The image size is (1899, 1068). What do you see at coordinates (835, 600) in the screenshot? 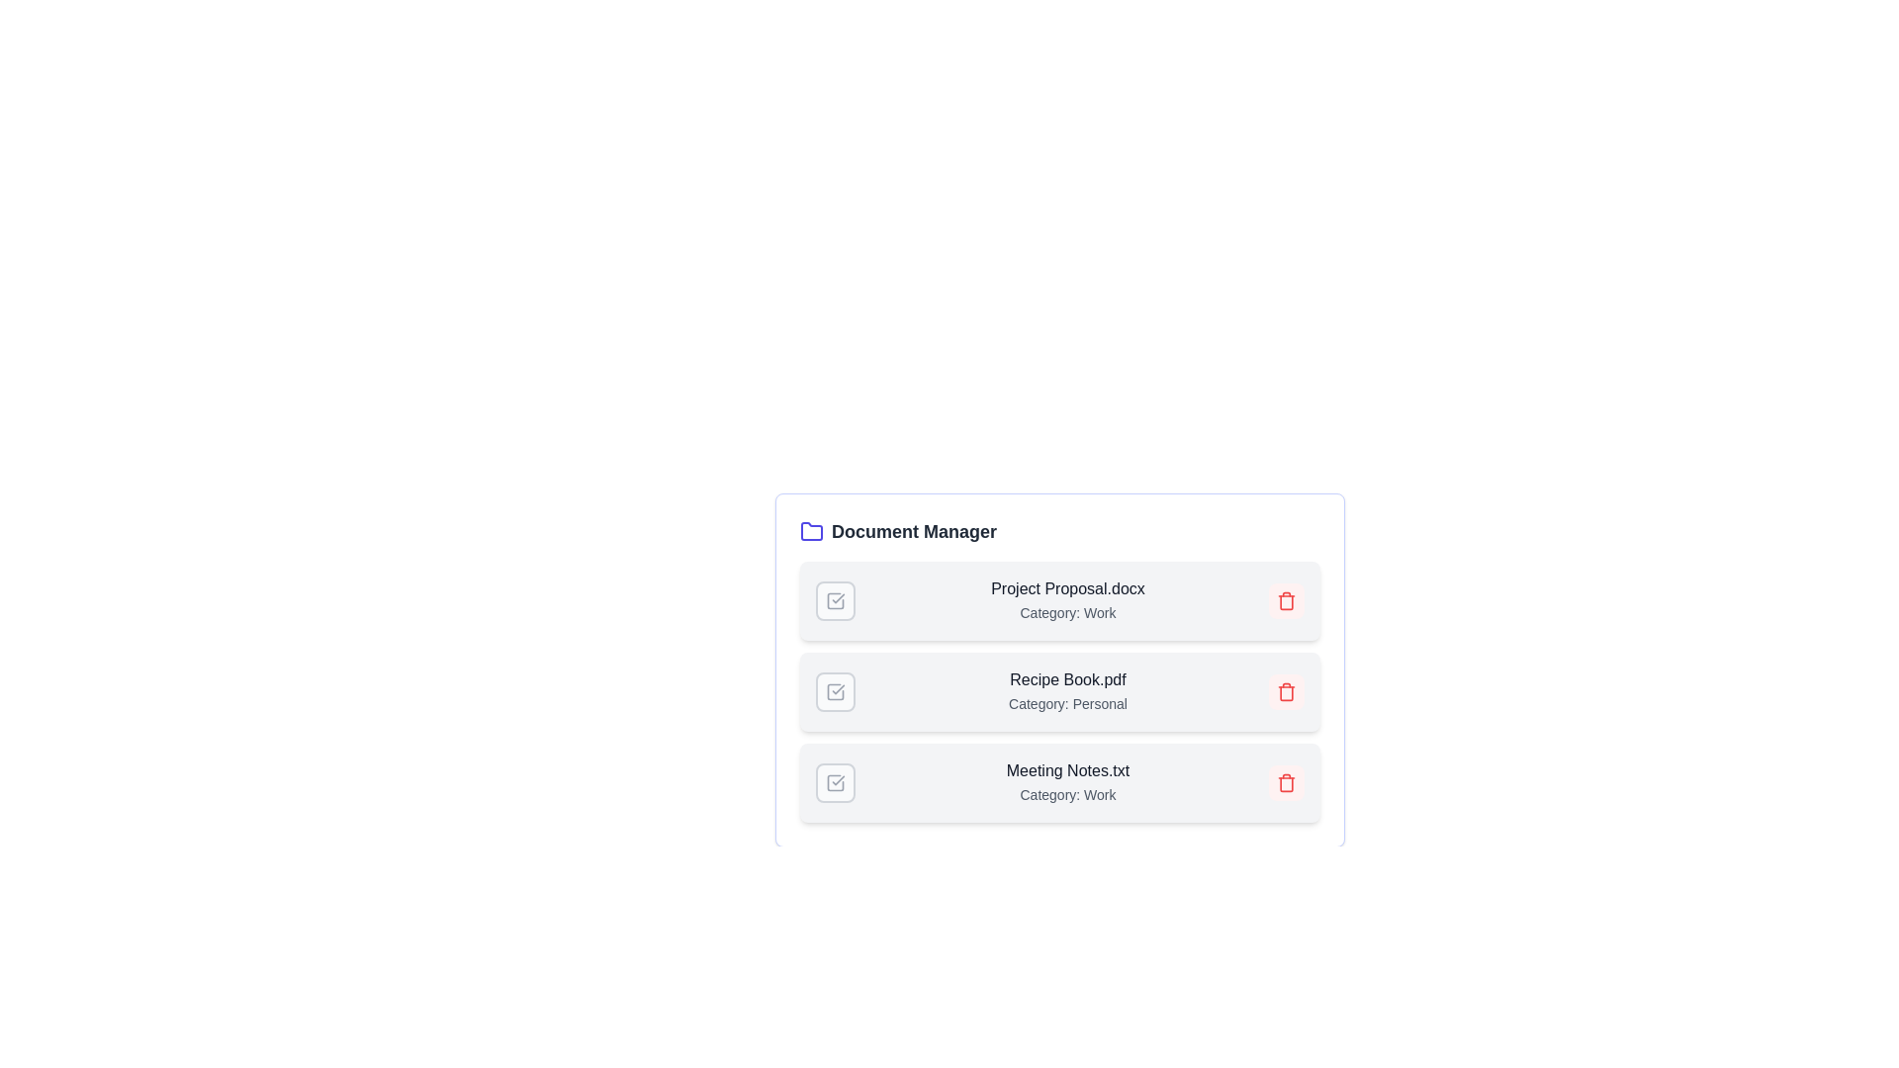
I see `the checkbox with a checkmark inside, located to the left of the 'Project Proposal.docx' and 'Category: Work' text` at bounding box center [835, 600].